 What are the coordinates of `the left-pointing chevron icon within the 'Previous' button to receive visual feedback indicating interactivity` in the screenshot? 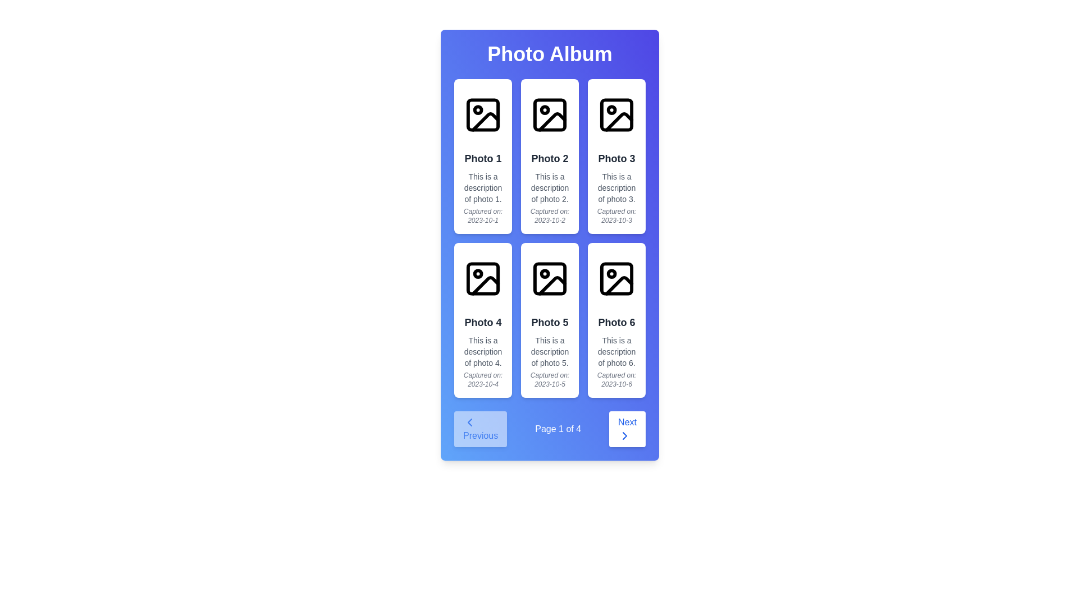 It's located at (469, 422).